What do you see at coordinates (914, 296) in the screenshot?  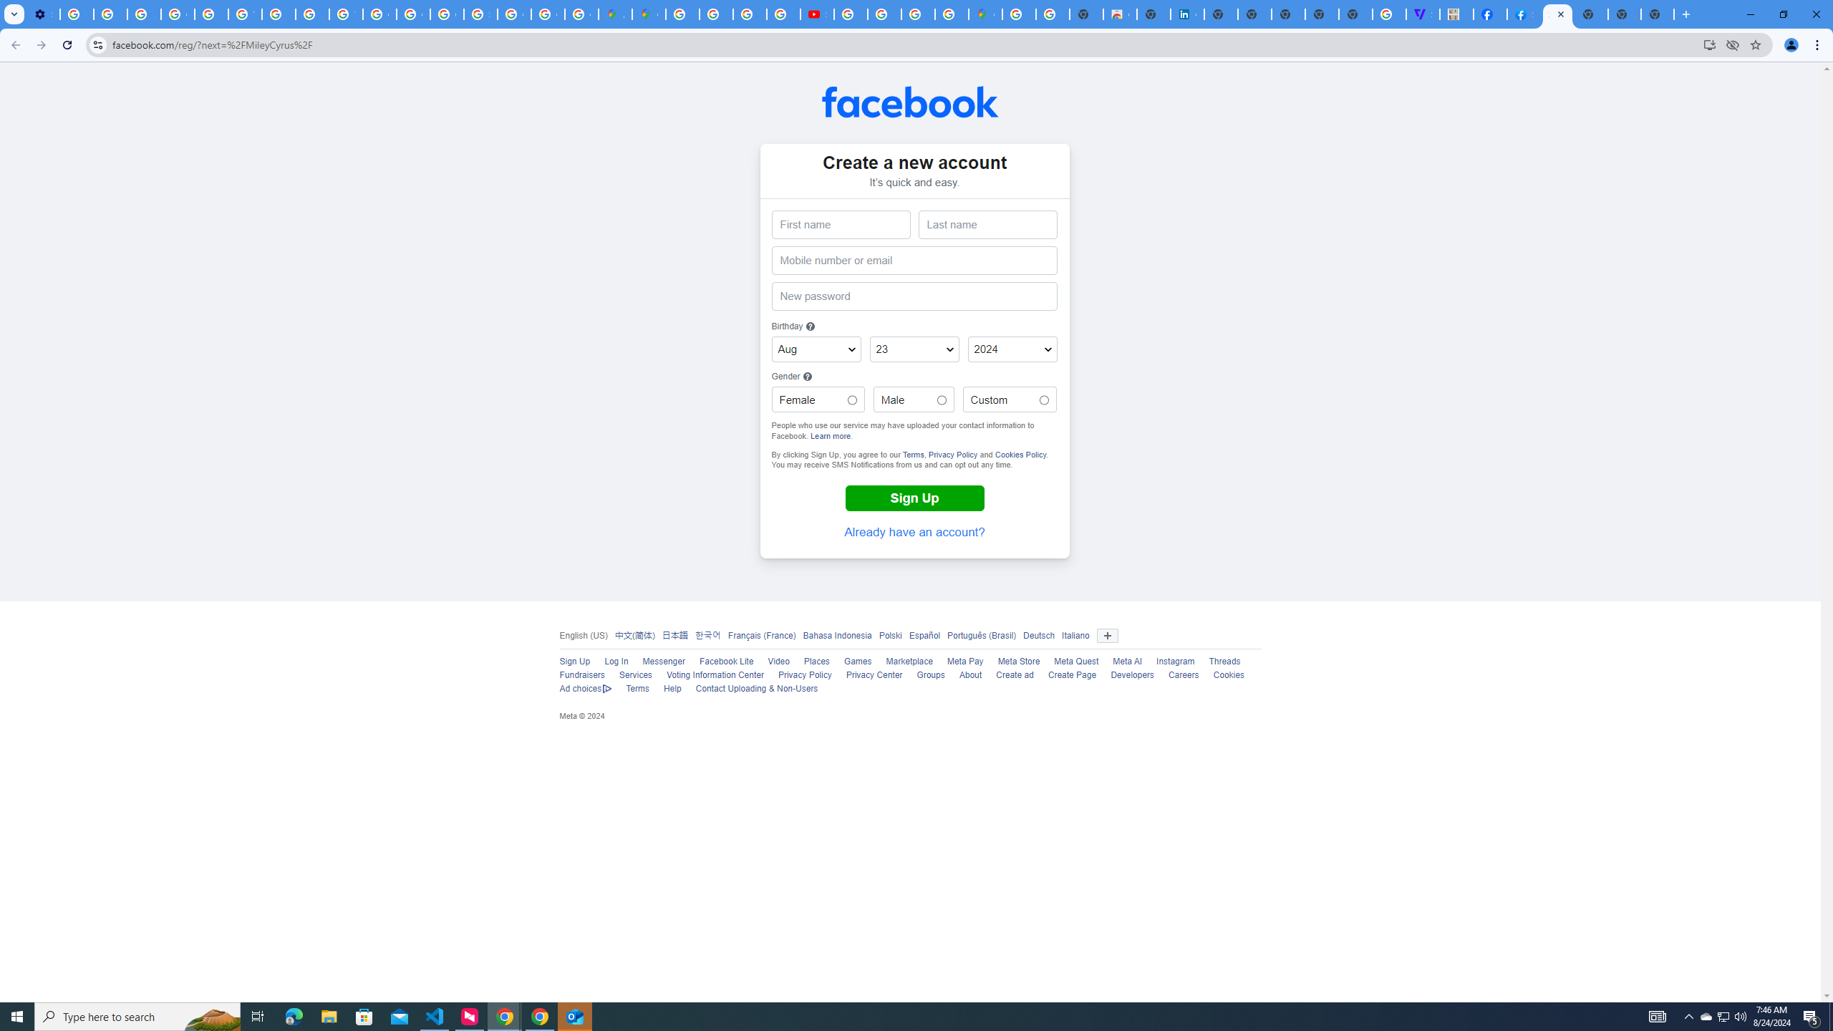 I see `'New password'` at bounding box center [914, 296].